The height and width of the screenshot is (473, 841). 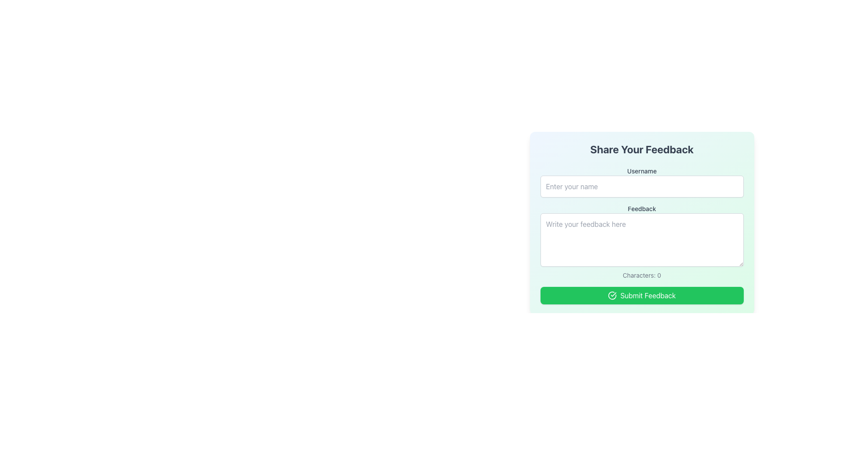 I want to click on the Text Area Input below the 'Feedback' label to highlight it for user input, so click(x=642, y=242).